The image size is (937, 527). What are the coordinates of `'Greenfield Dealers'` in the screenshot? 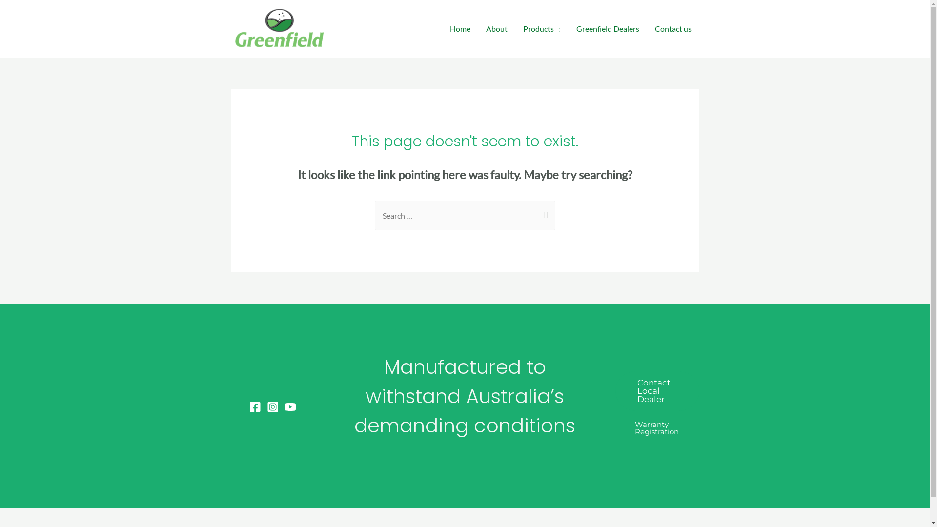 It's located at (607, 28).